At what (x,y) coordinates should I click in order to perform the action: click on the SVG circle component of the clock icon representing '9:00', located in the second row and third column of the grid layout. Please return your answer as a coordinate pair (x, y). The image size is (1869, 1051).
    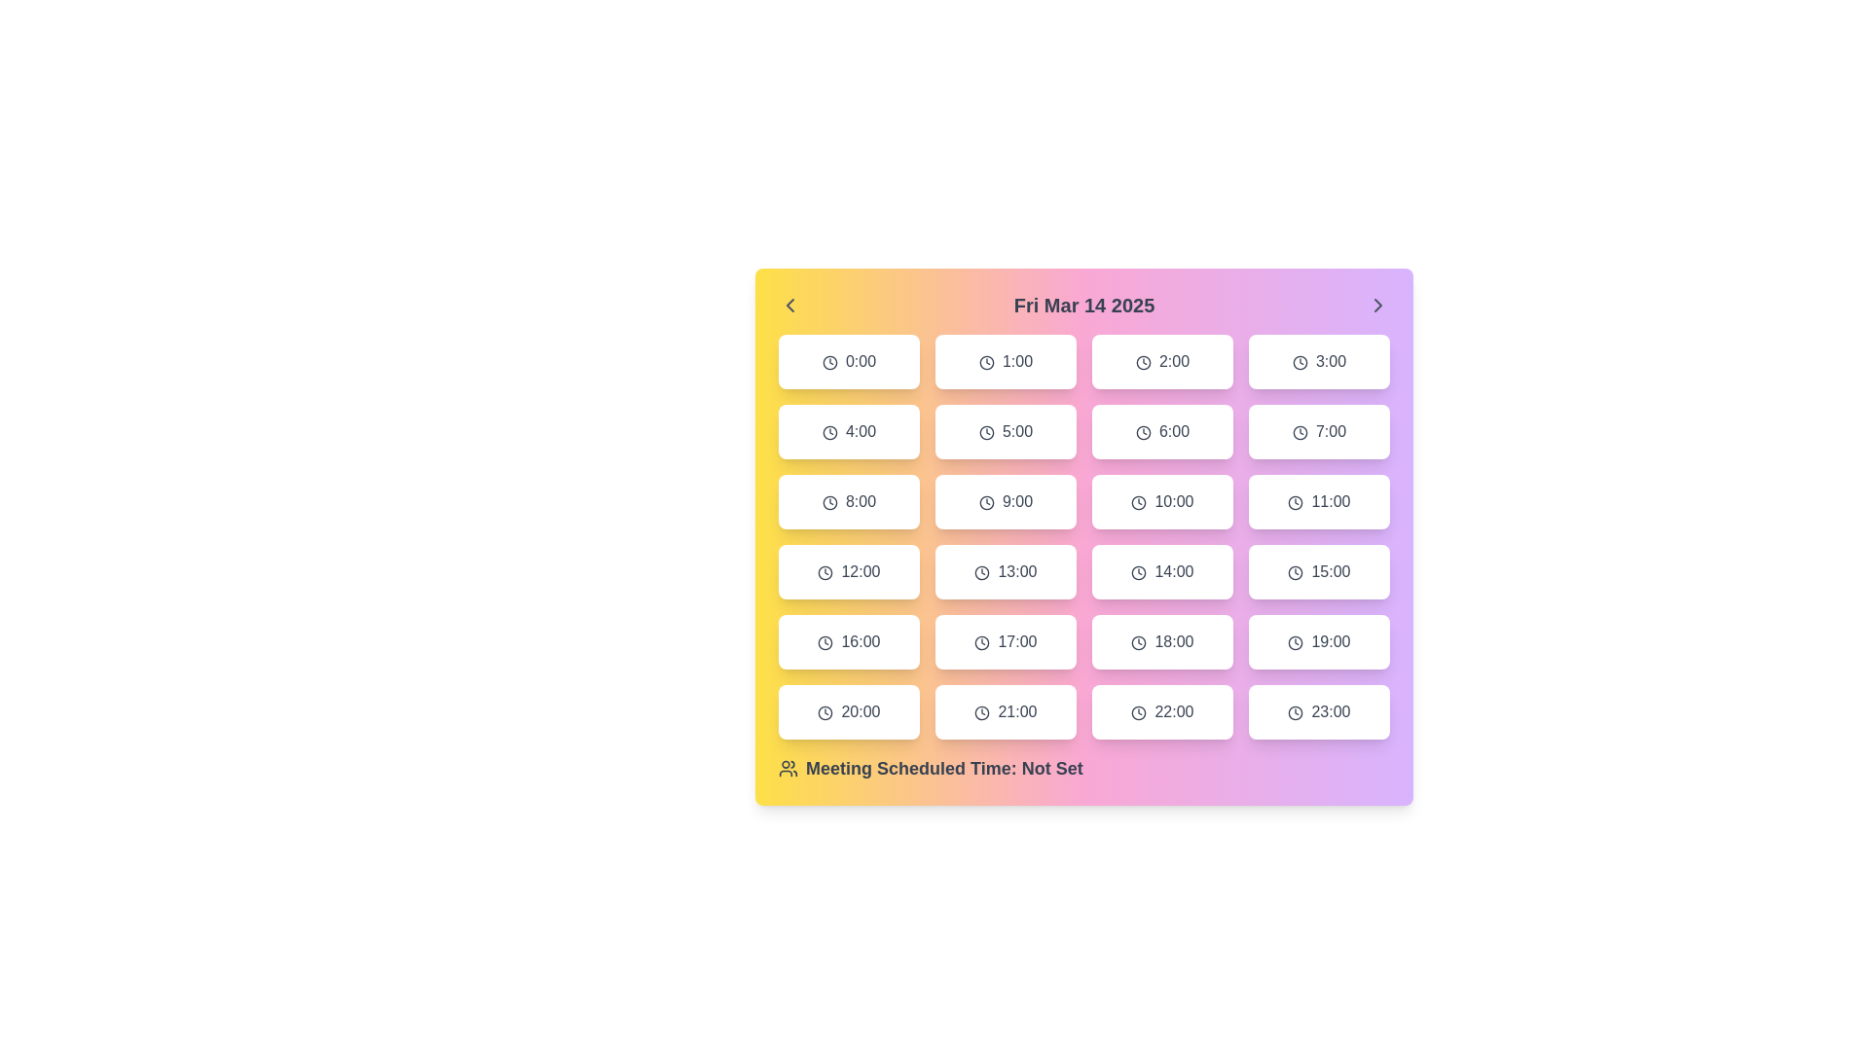
    Looking at the image, I should click on (986, 501).